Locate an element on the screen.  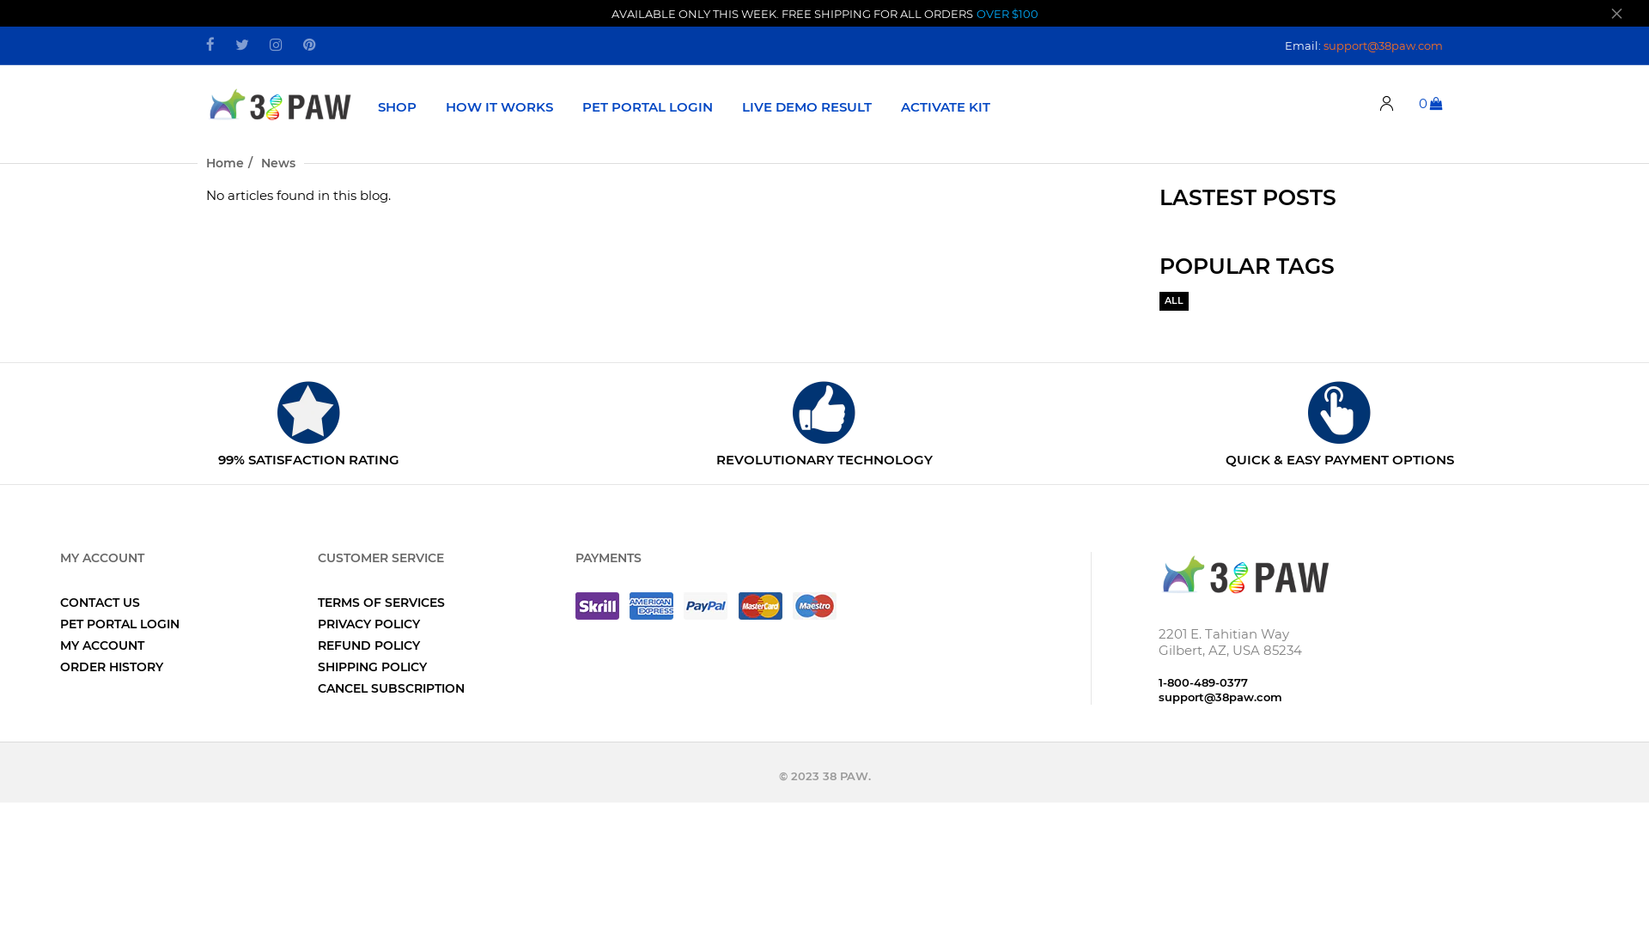
'Facebook' is located at coordinates (209, 45).